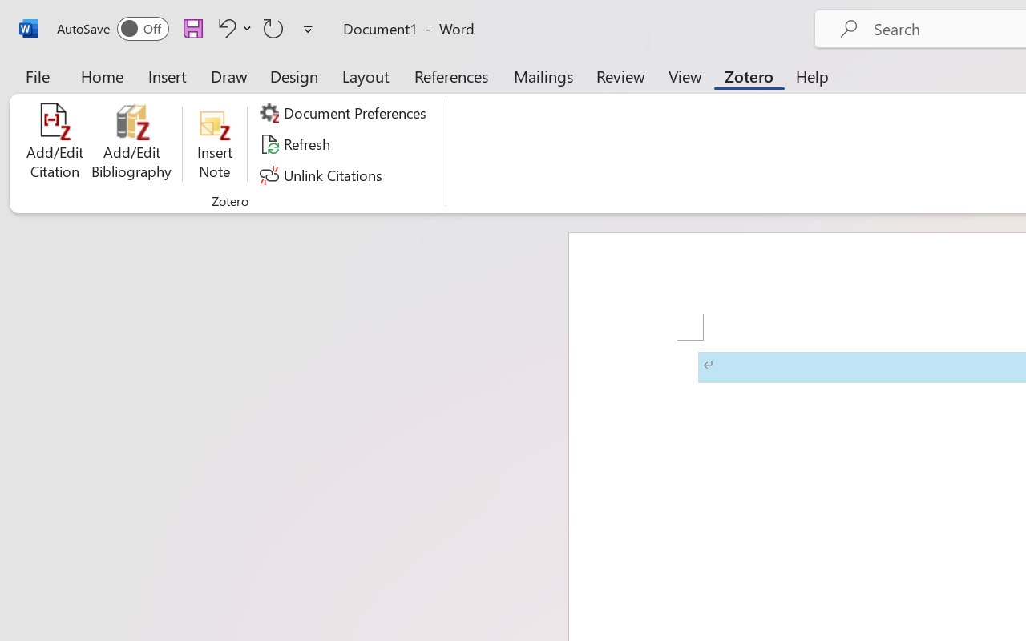 The width and height of the screenshot is (1026, 641). Describe the element at coordinates (273, 27) in the screenshot. I see `'Repeat Style'` at that location.